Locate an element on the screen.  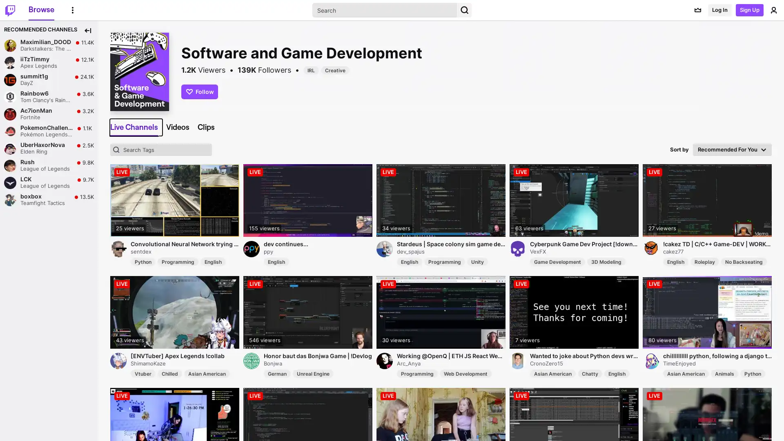
Web Development is located at coordinates (465, 373).